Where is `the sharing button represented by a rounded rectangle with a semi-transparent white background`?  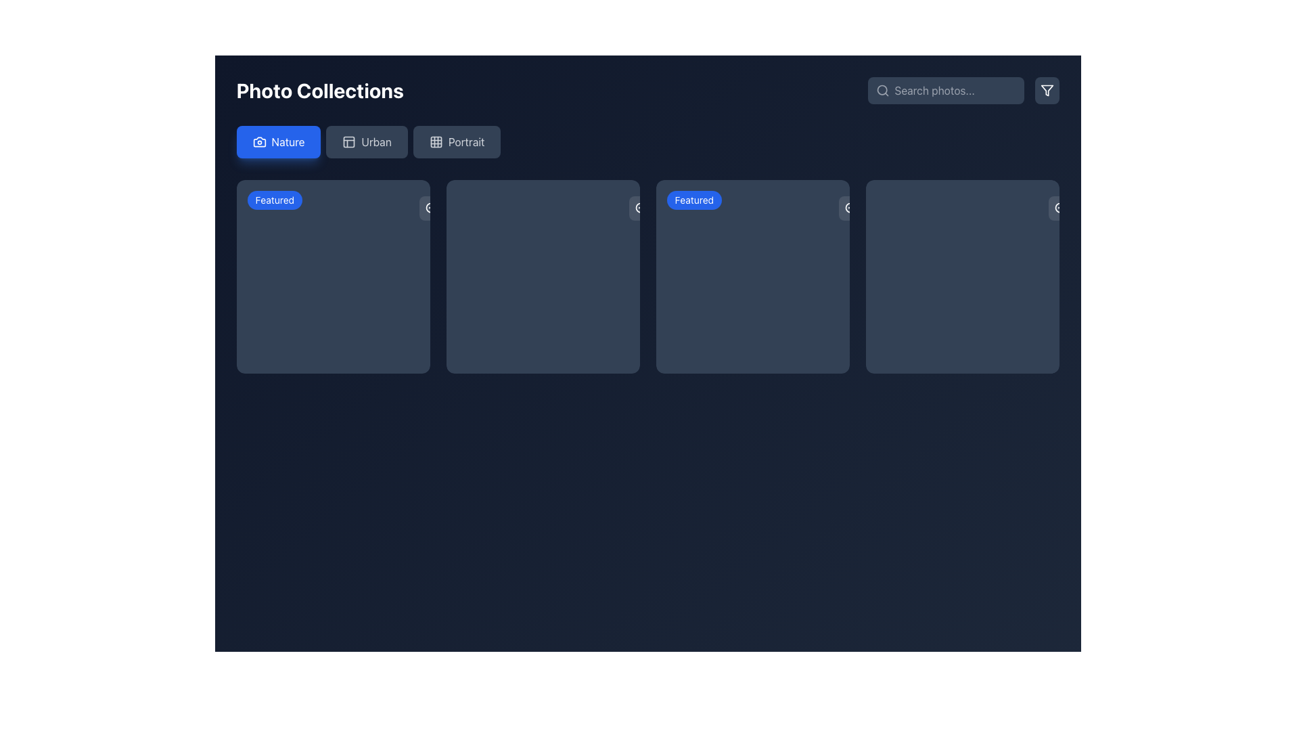
the sharing button represented by a rounded rectangle with a semi-transparent white background is located at coordinates (1085, 208).